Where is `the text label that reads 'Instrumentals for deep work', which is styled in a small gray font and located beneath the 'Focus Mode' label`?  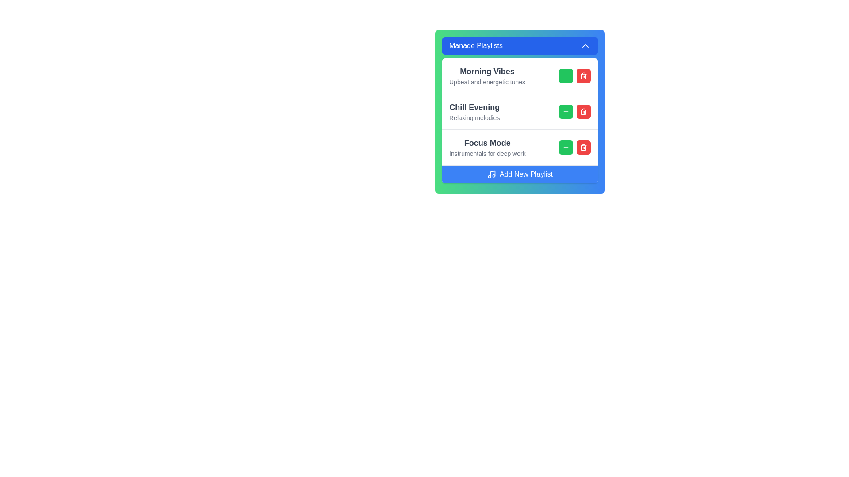 the text label that reads 'Instrumentals for deep work', which is styled in a small gray font and located beneath the 'Focus Mode' label is located at coordinates (487, 153).